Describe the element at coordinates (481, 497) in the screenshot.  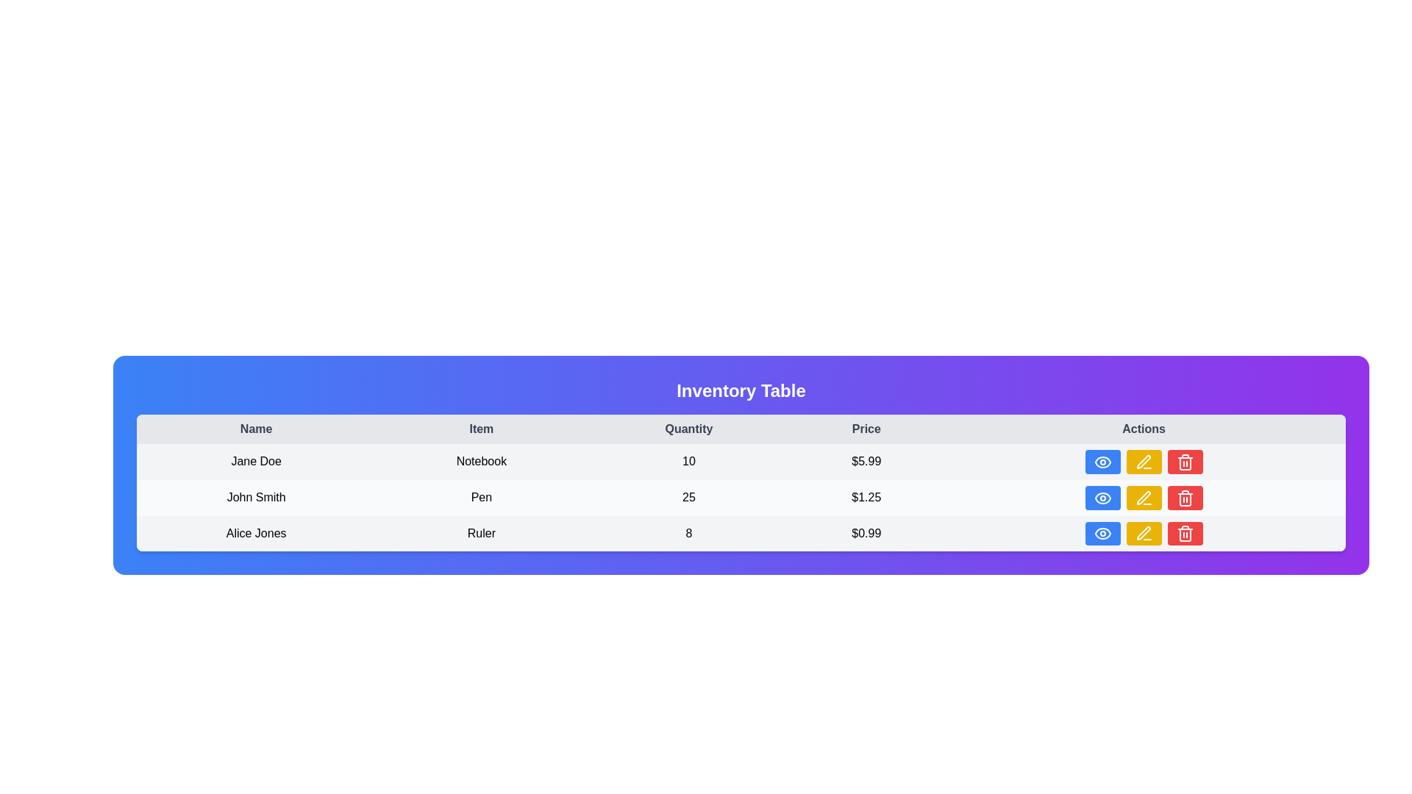
I see `'Pen' label in the inventory table, located in the second row under the 'Item' column` at that location.